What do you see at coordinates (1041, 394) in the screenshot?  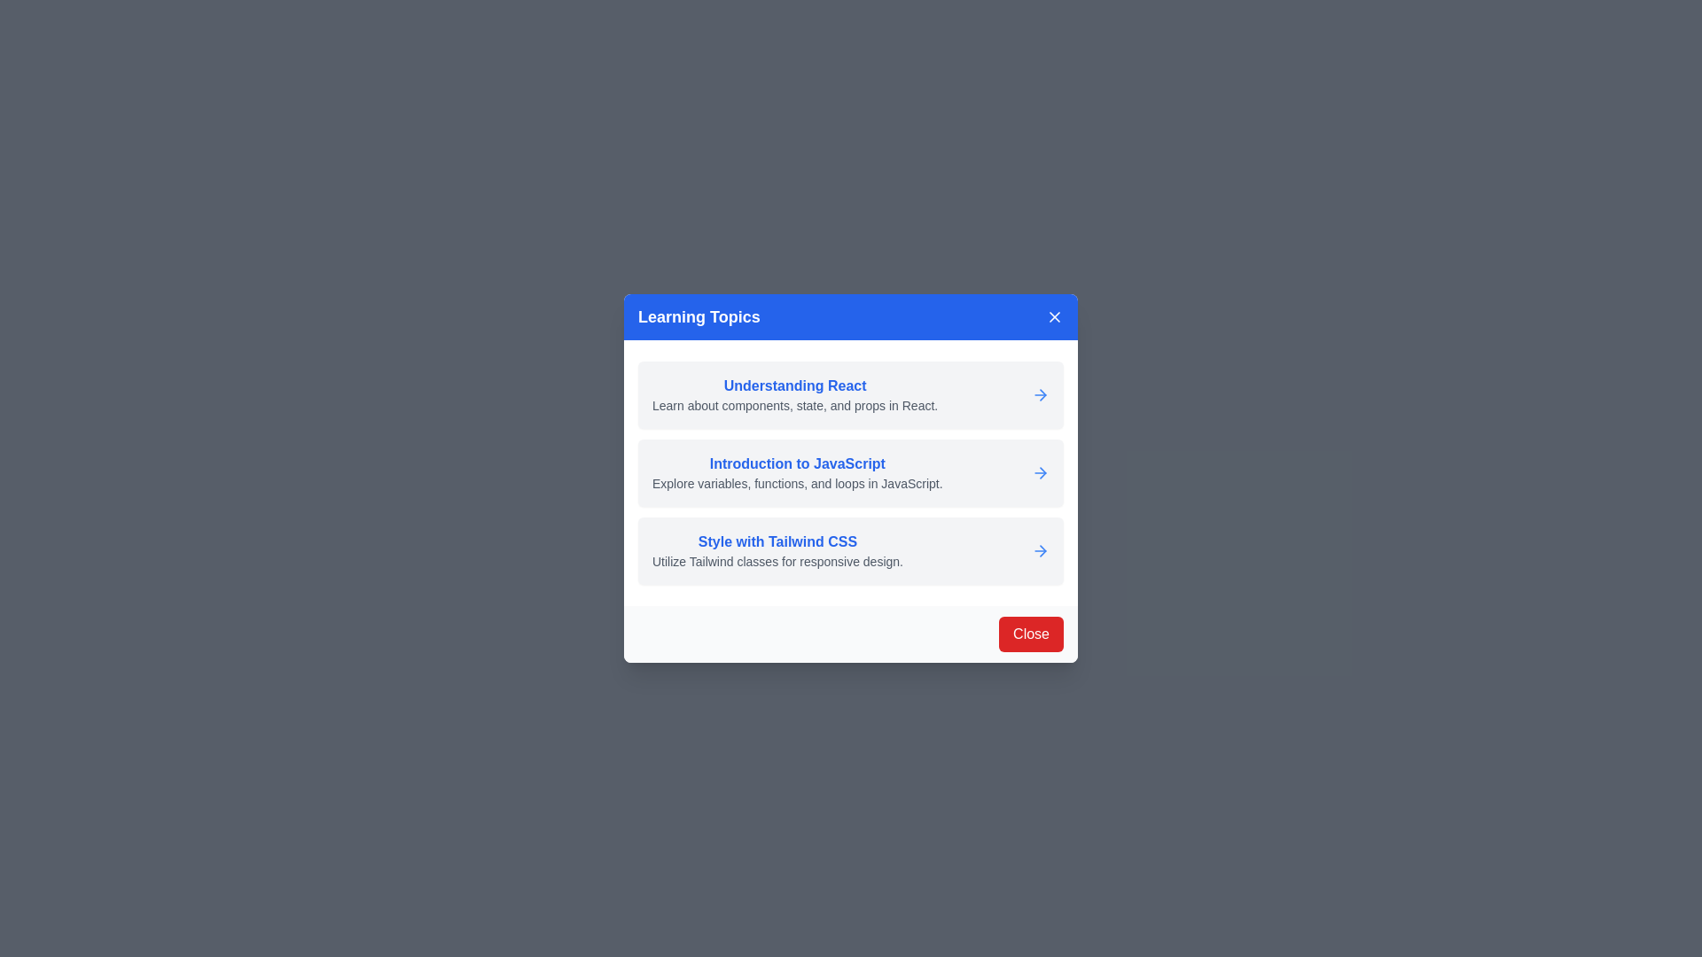 I see `the arrow icon located at the far right of the card titled 'Understanding React'` at bounding box center [1041, 394].